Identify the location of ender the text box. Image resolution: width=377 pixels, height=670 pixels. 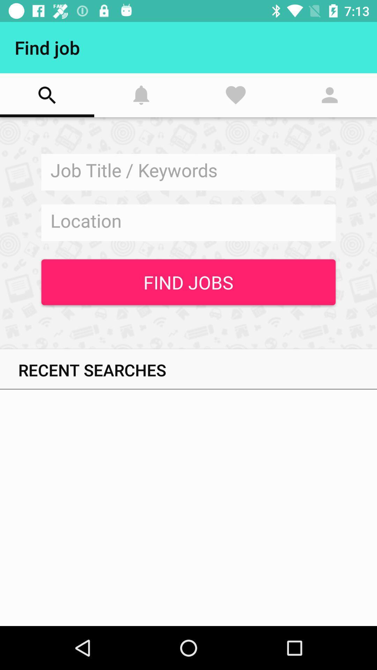
(188, 222).